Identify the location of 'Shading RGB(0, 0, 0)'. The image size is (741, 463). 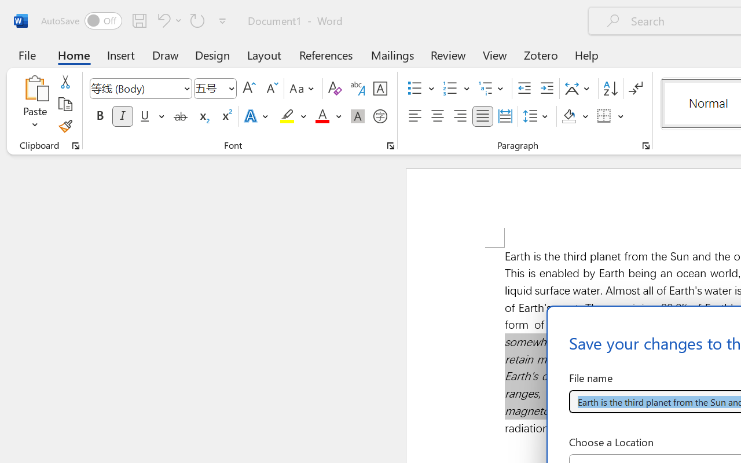
(569, 116).